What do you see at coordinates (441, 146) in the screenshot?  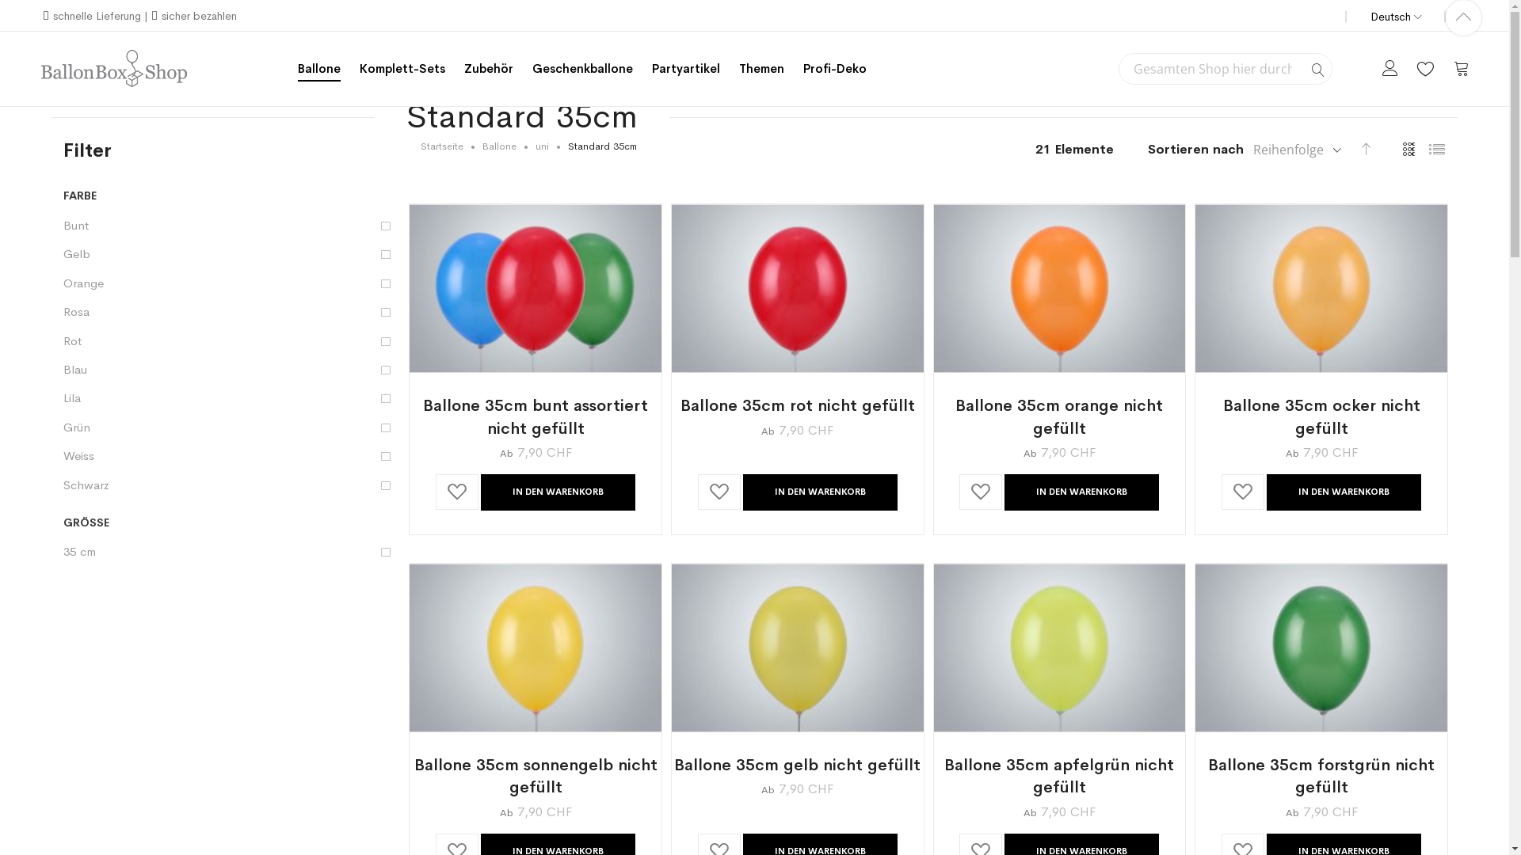 I see `'Startseite'` at bounding box center [441, 146].